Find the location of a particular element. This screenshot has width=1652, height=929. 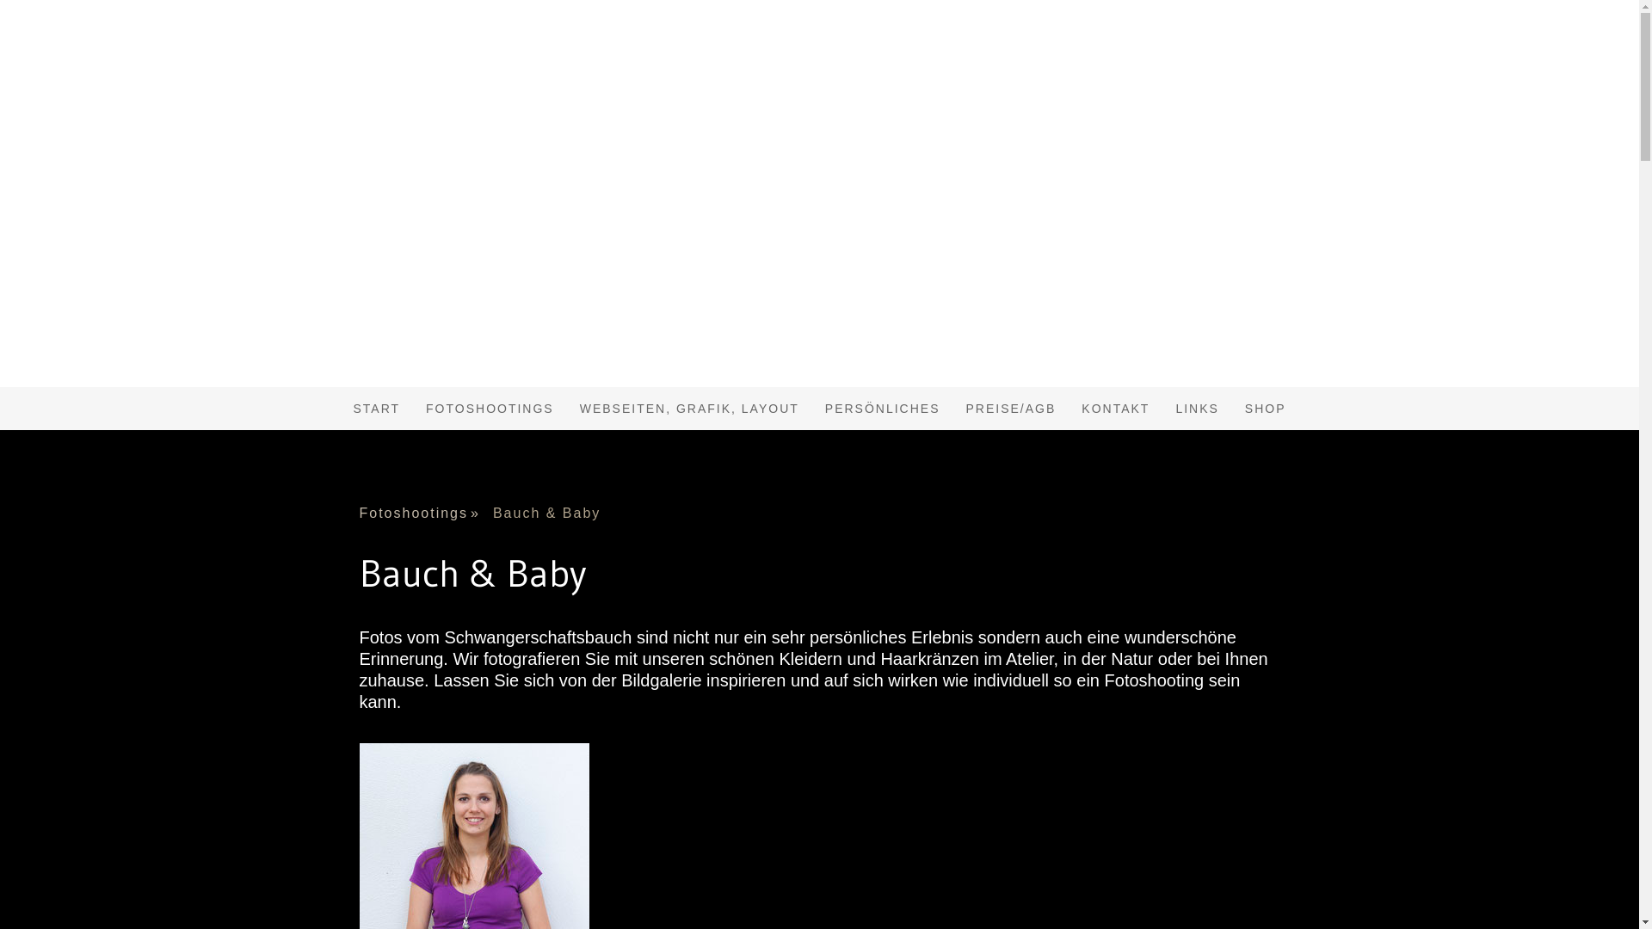

'WEBSEITEN, GRAFIK, LAYOUT' is located at coordinates (689, 408).